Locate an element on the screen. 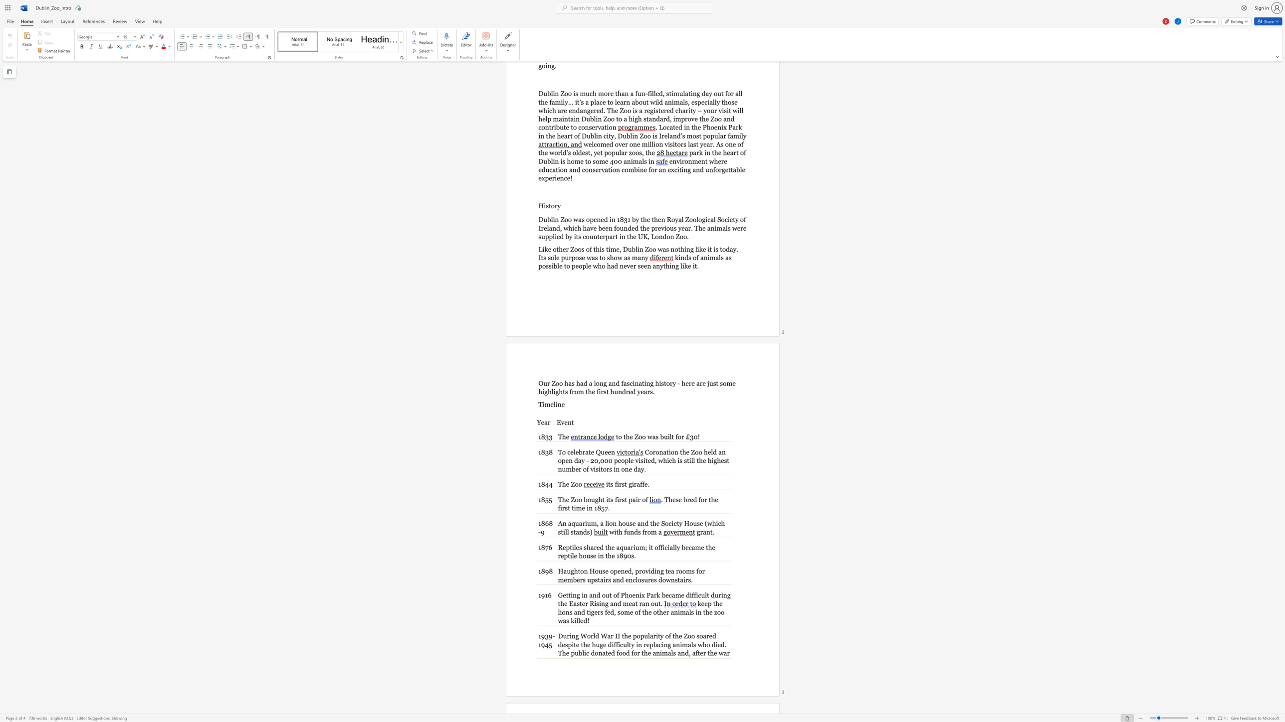 The width and height of the screenshot is (1285, 722). the subset text "stair" within the text "Haughton House opened, providing tea rooms for members upstairs and enclosures downstairs." is located at coordinates (674, 579).